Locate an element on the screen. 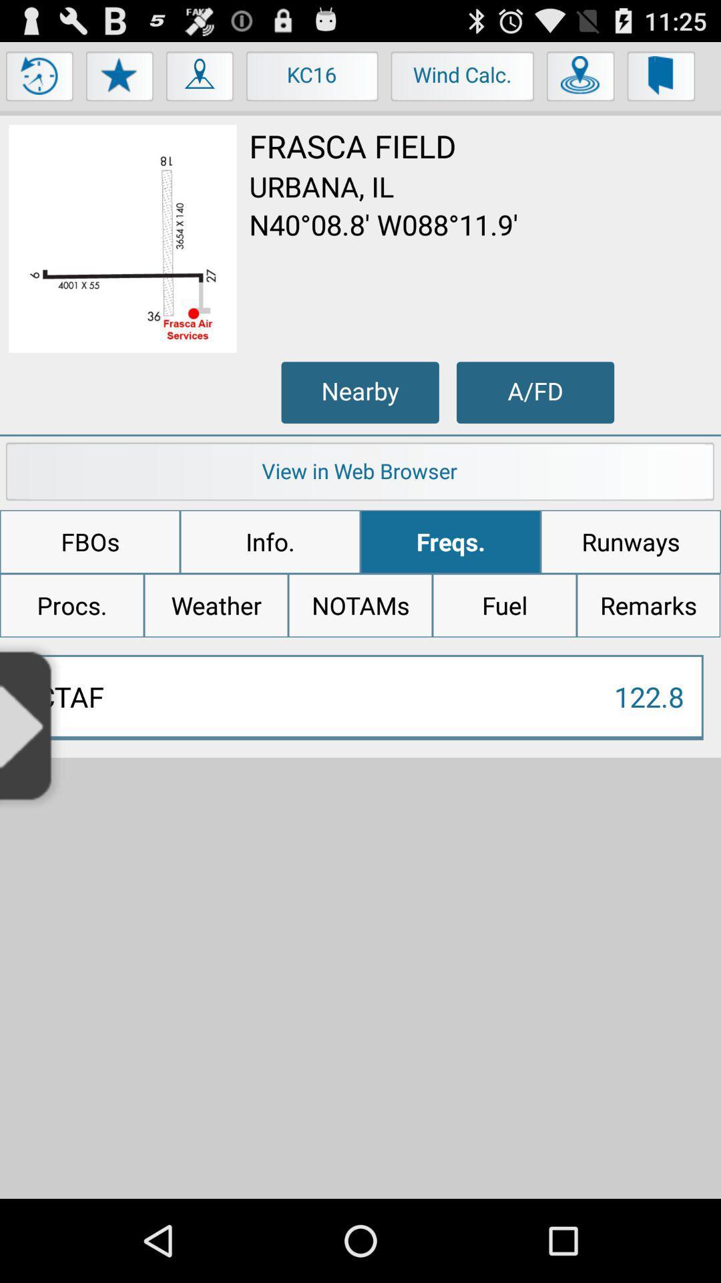  the button next to kc16 is located at coordinates (462, 79).